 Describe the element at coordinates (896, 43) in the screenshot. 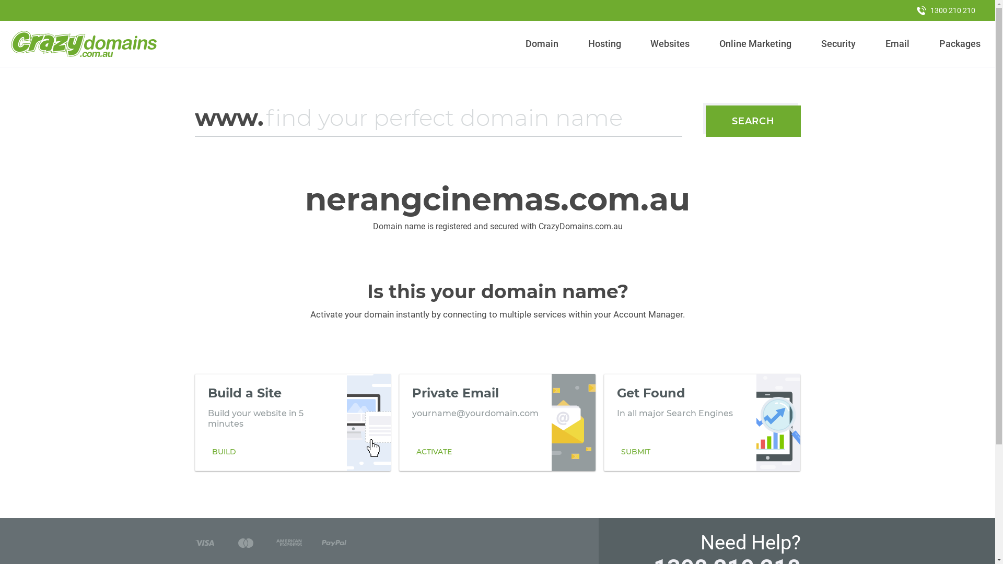

I see `'Email'` at that location.